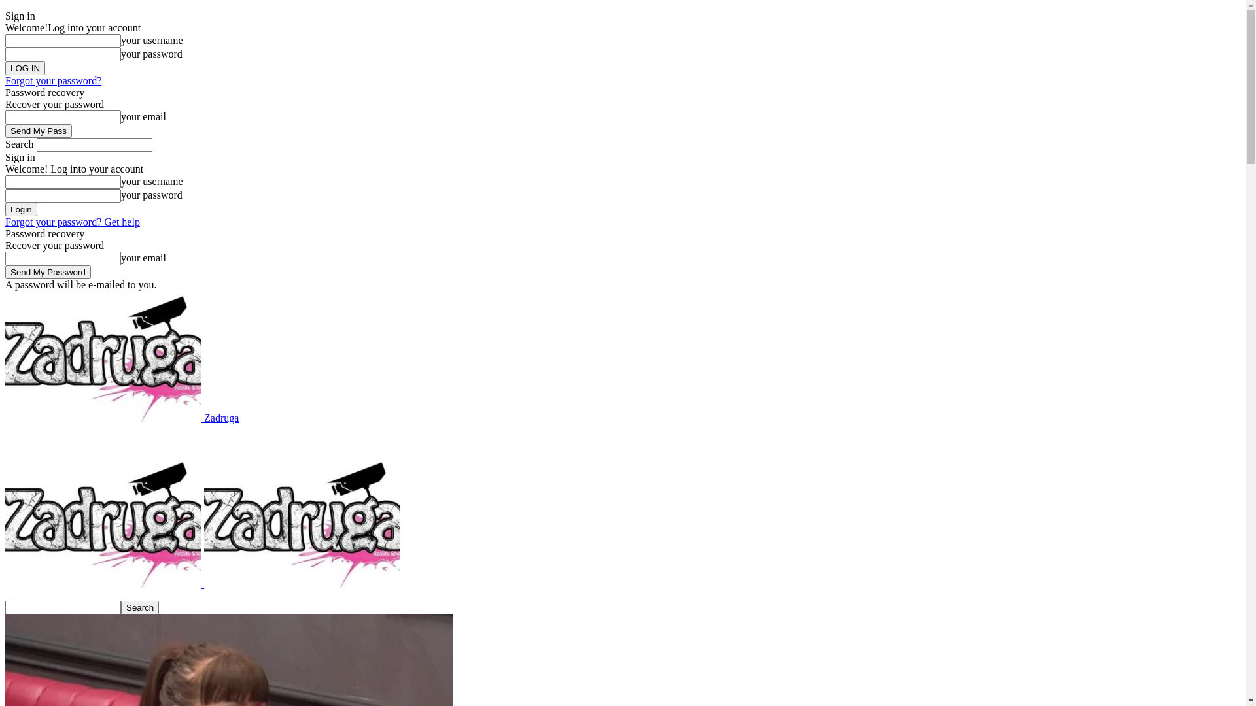  I want to click on 'Forgot your password? Get help', so click(71, 221).